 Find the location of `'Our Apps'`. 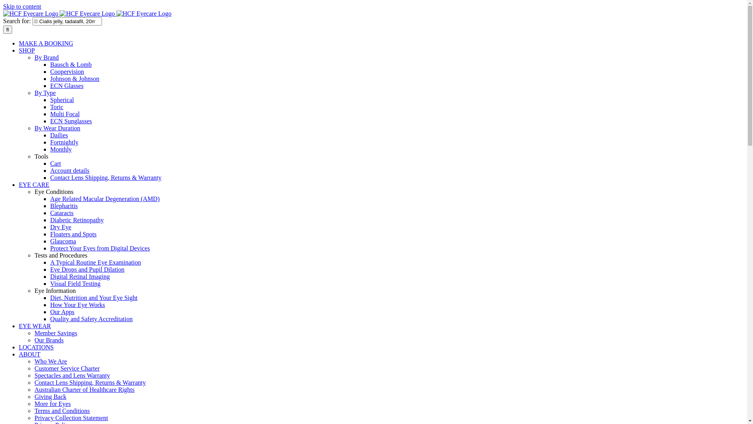

'Our Apps' is located at coordinates (62, 311).